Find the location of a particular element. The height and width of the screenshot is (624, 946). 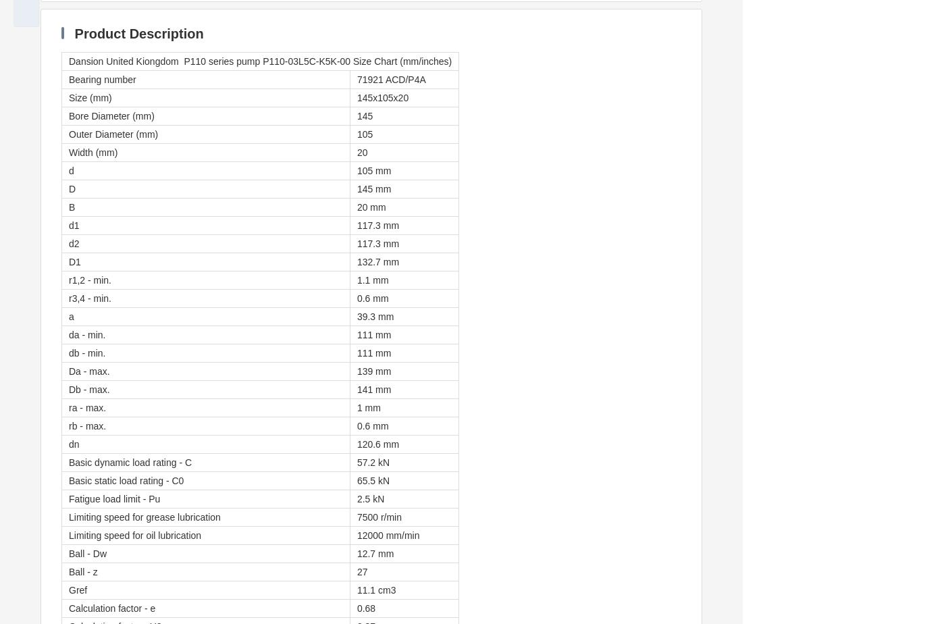

'Bore Diameter (mm)' is located at coordinates (111, 115).